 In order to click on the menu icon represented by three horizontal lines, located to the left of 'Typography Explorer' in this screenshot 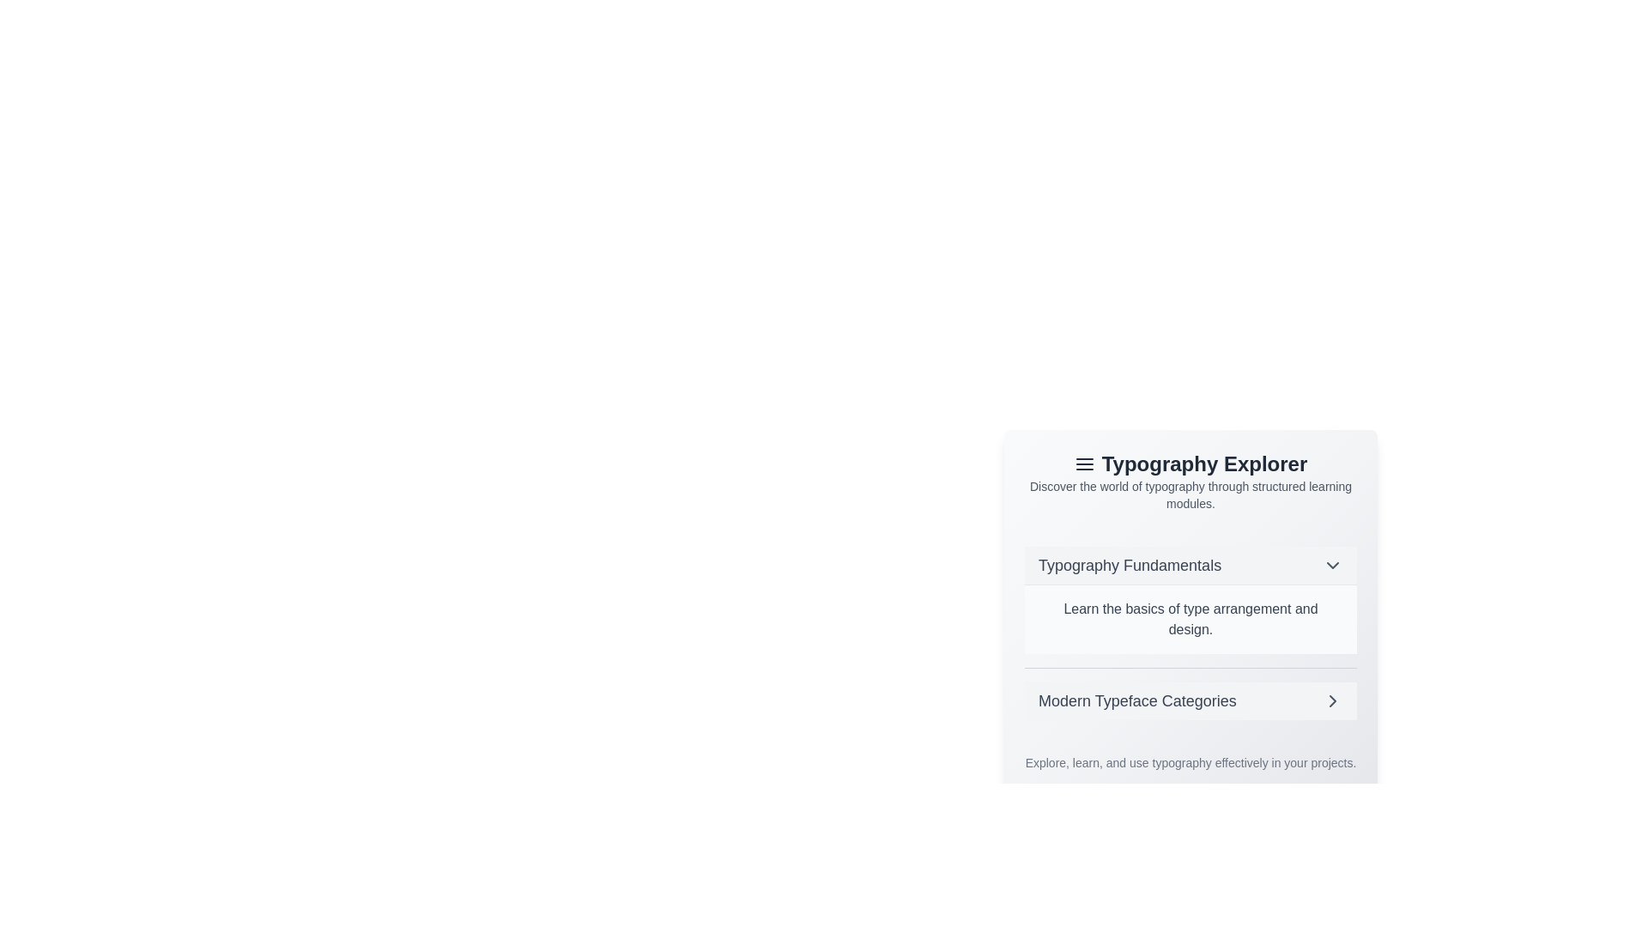, I will do `click(1083, 463)`.